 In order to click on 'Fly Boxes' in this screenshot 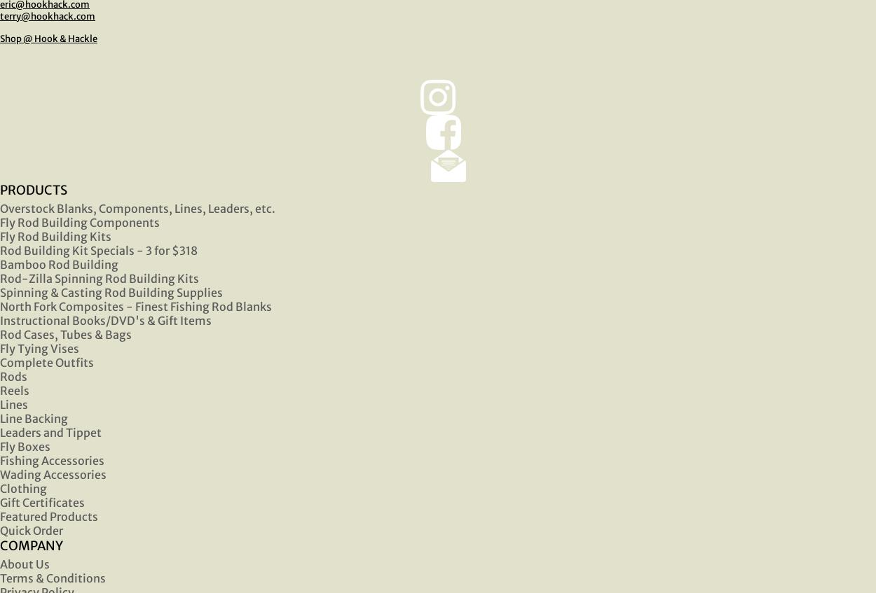, I will do `click(25, 445)`.